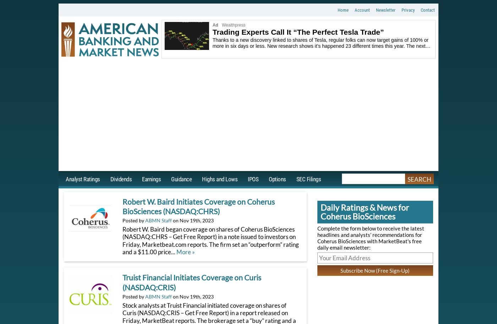 The image size is (497, 324). I want to click on 'More', so click(184, 251).